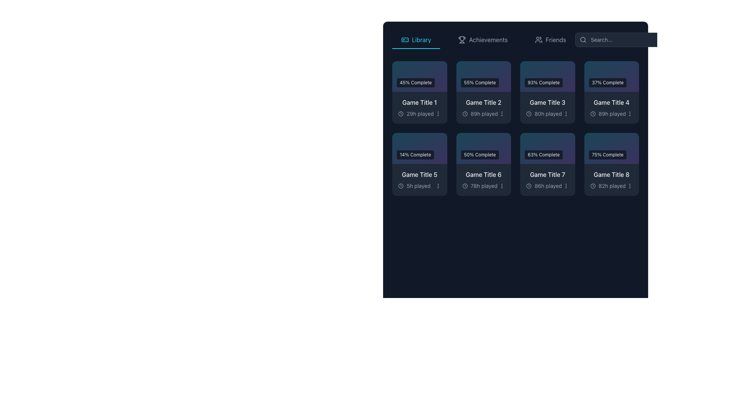 This screenshot has width=729, height=410. Describe the element at coordinates (414, 186) in the screenshot. I see `the card labeled 'Game Title 5' by clicking on the text with icon that indicates the amount of time spent playing the game, located at the lower left of the card` at that location.